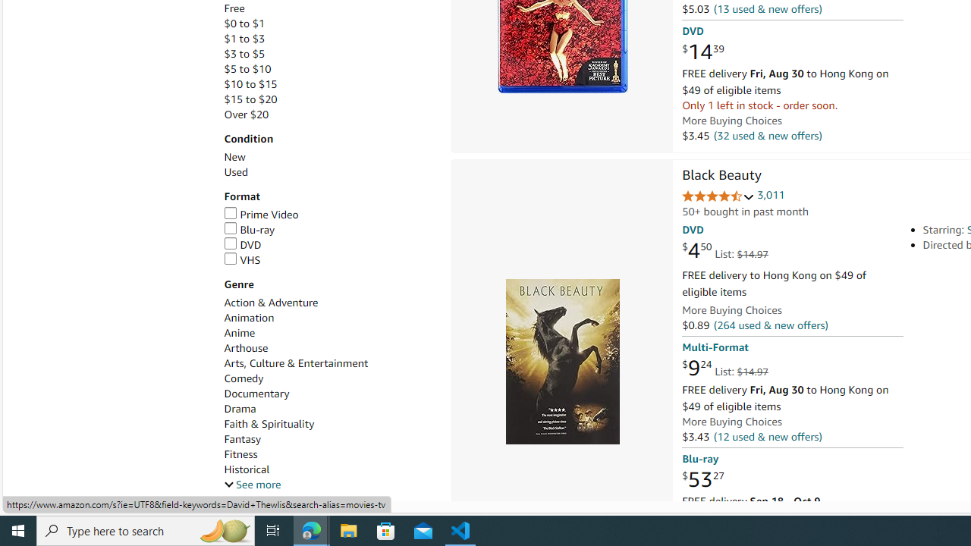 The image size is (971, 546). What do you see at coordinates (328, 317) in the screenshot?
I see `'Animation'` at bounding box center [328, 317].